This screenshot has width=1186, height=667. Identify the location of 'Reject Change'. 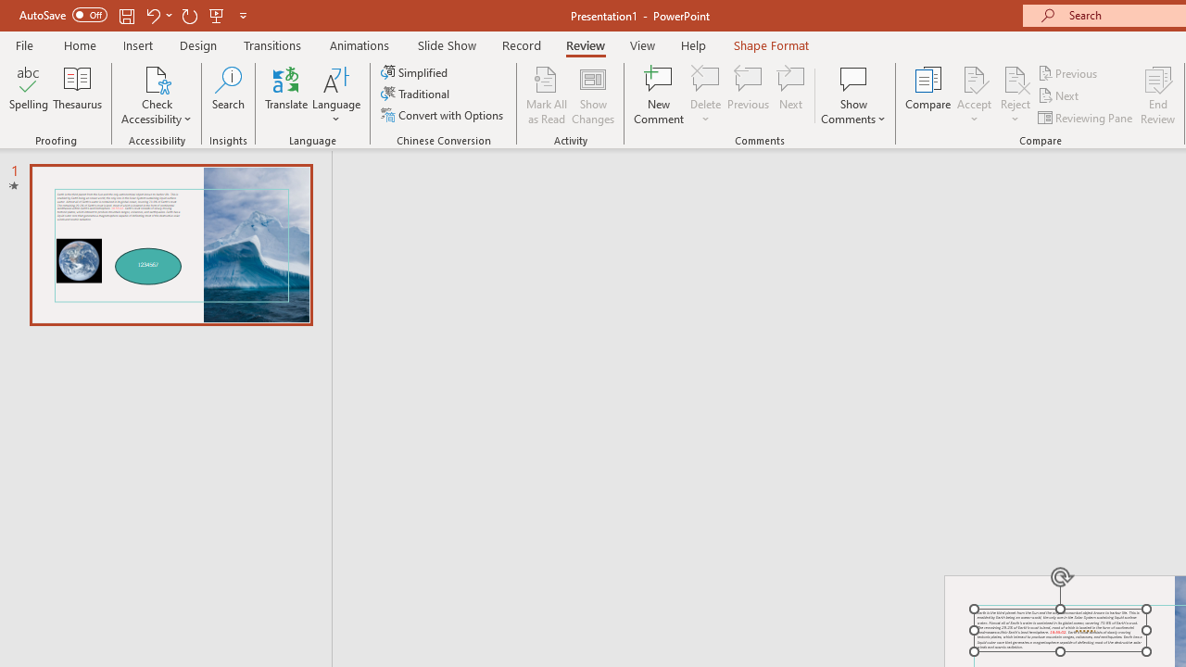
(1015, 78).